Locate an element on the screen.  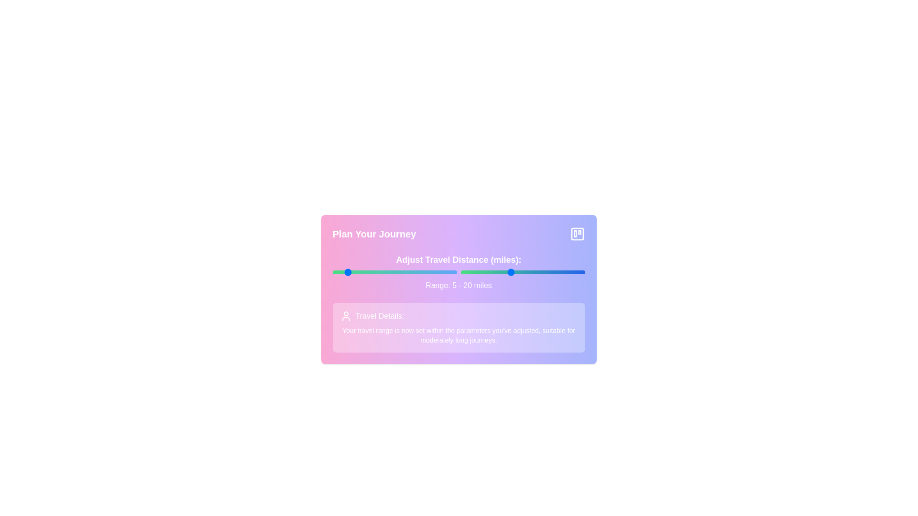
the travel distance is located at coordinates (527, 272).